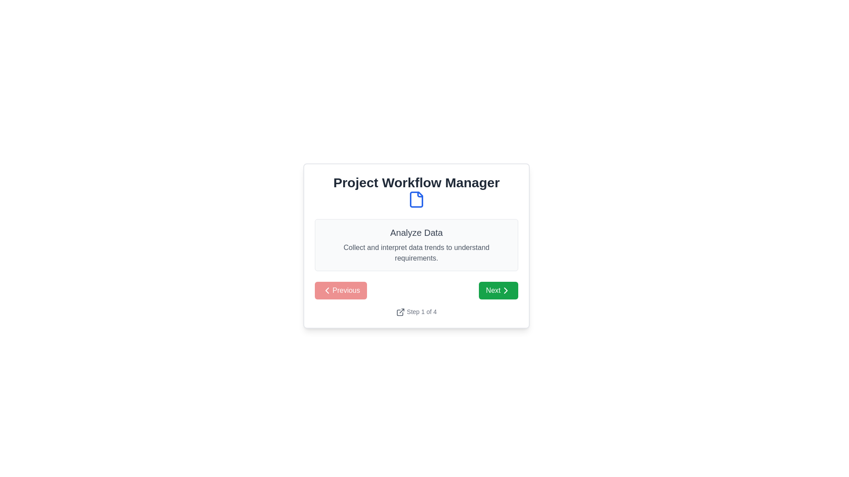  Describe the element at coordinates (416, 199) in the screenshot. I see `the blue-colored file document icon with a folded corner, prominently displayed in the 'Project Workflow Manager' section` at that location.